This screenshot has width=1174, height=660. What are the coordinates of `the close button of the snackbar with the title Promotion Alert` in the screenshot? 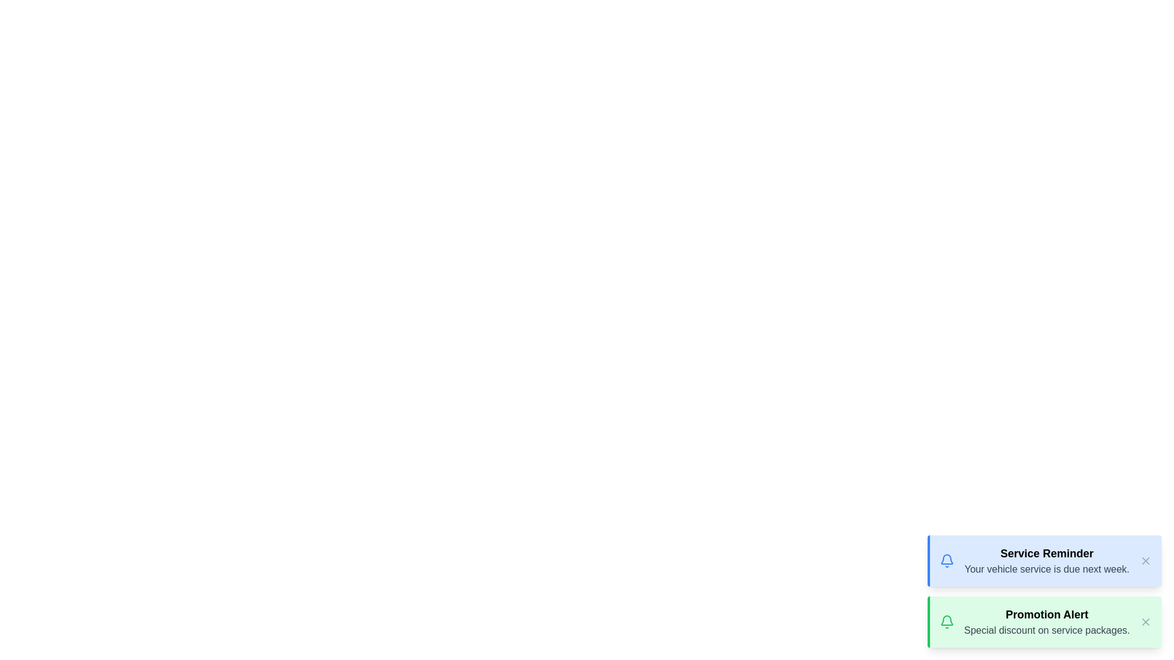 It's located at (1145, 622).